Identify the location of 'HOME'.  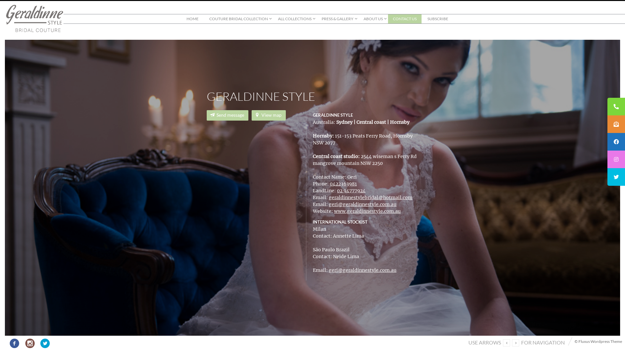
(181, 18).